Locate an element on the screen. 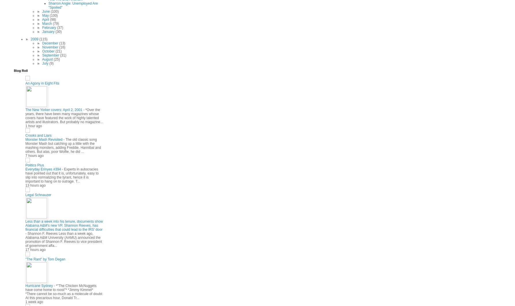 Image resolution: width=515 pixels, height=306 pixels. 'Less than a week into his tenure, documents show Alabama A&M's new VP, Shannon Reeves, has financial difficulties that could lead to the IRS' door' is located at coordinates (63, 225).